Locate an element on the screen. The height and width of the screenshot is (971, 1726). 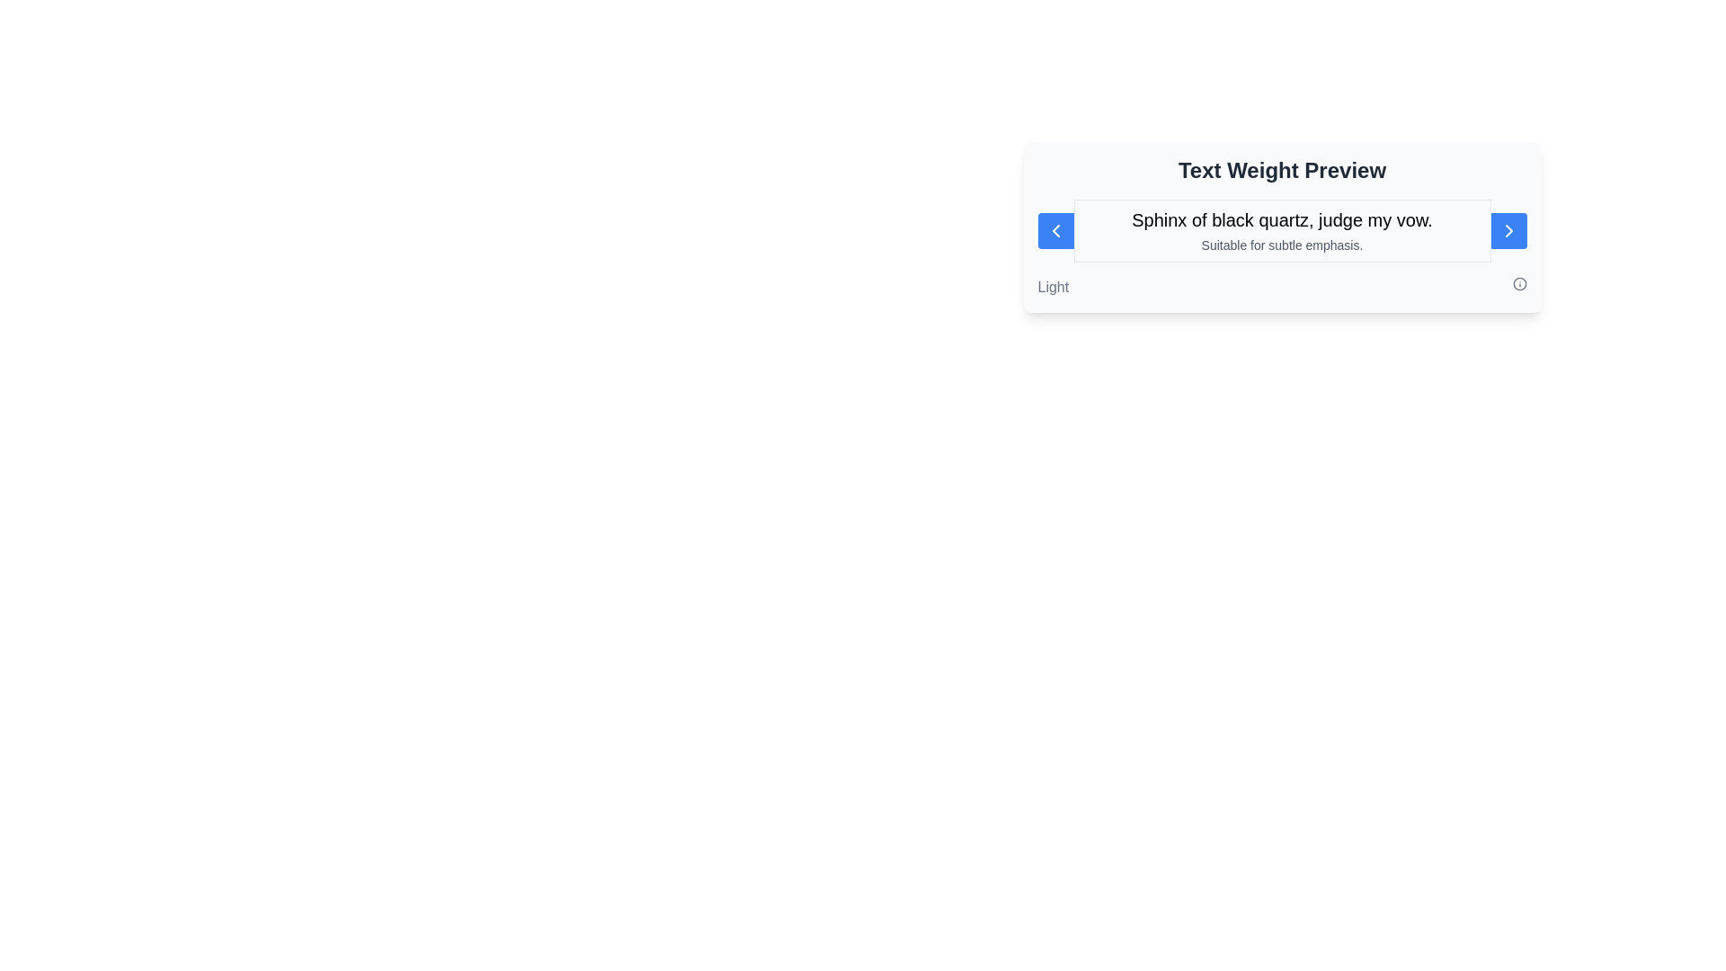
the navigation button located at the far right of the horizontally aligned group within the 'Text Weight Preview' box to progress to the next section is located at coordinates (1508, 230).